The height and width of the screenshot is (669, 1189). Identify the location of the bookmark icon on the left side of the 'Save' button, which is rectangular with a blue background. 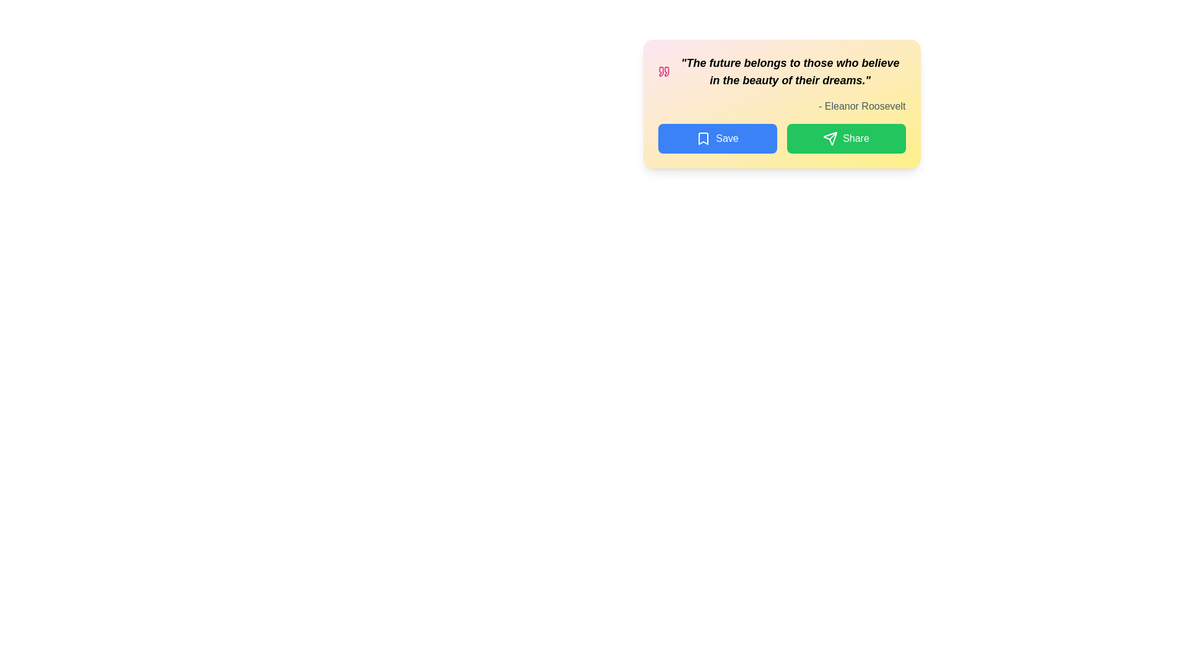
(703, 138).